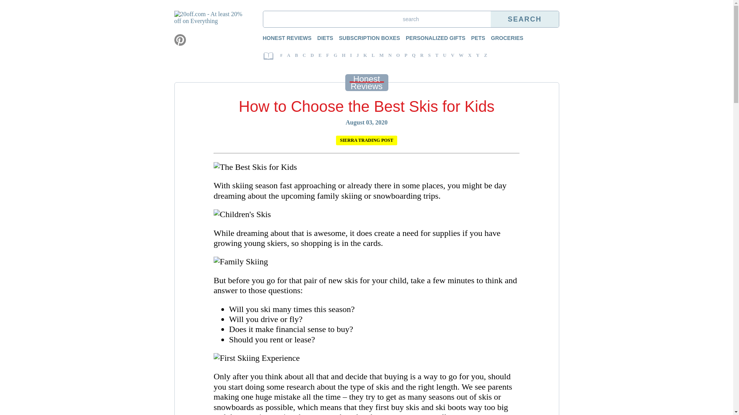 Image resolution: width=739 pixels, height=415 pixels. Describe the element at coordinates (453, 55) in the screenshot. I see `'V'` at that location.